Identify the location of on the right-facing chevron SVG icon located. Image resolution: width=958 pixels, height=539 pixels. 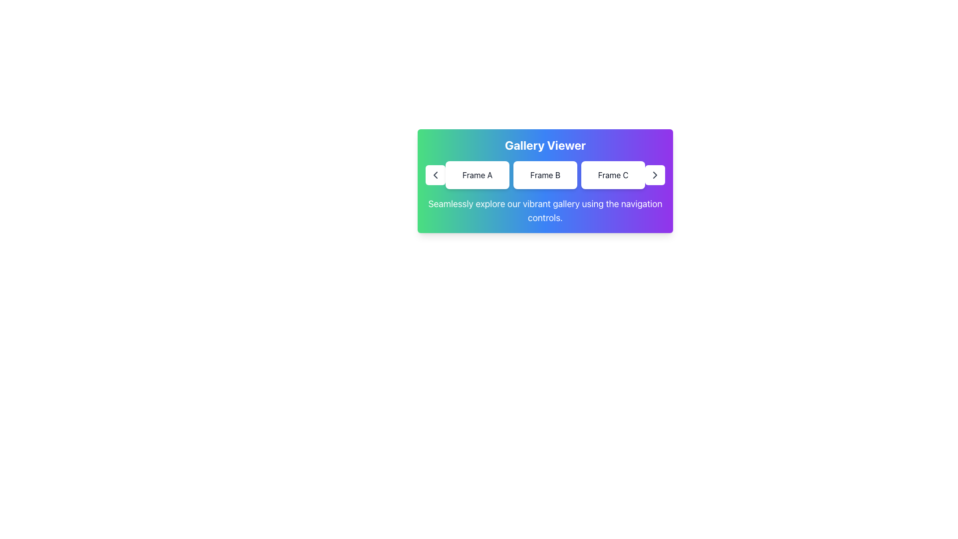
(655, 175).